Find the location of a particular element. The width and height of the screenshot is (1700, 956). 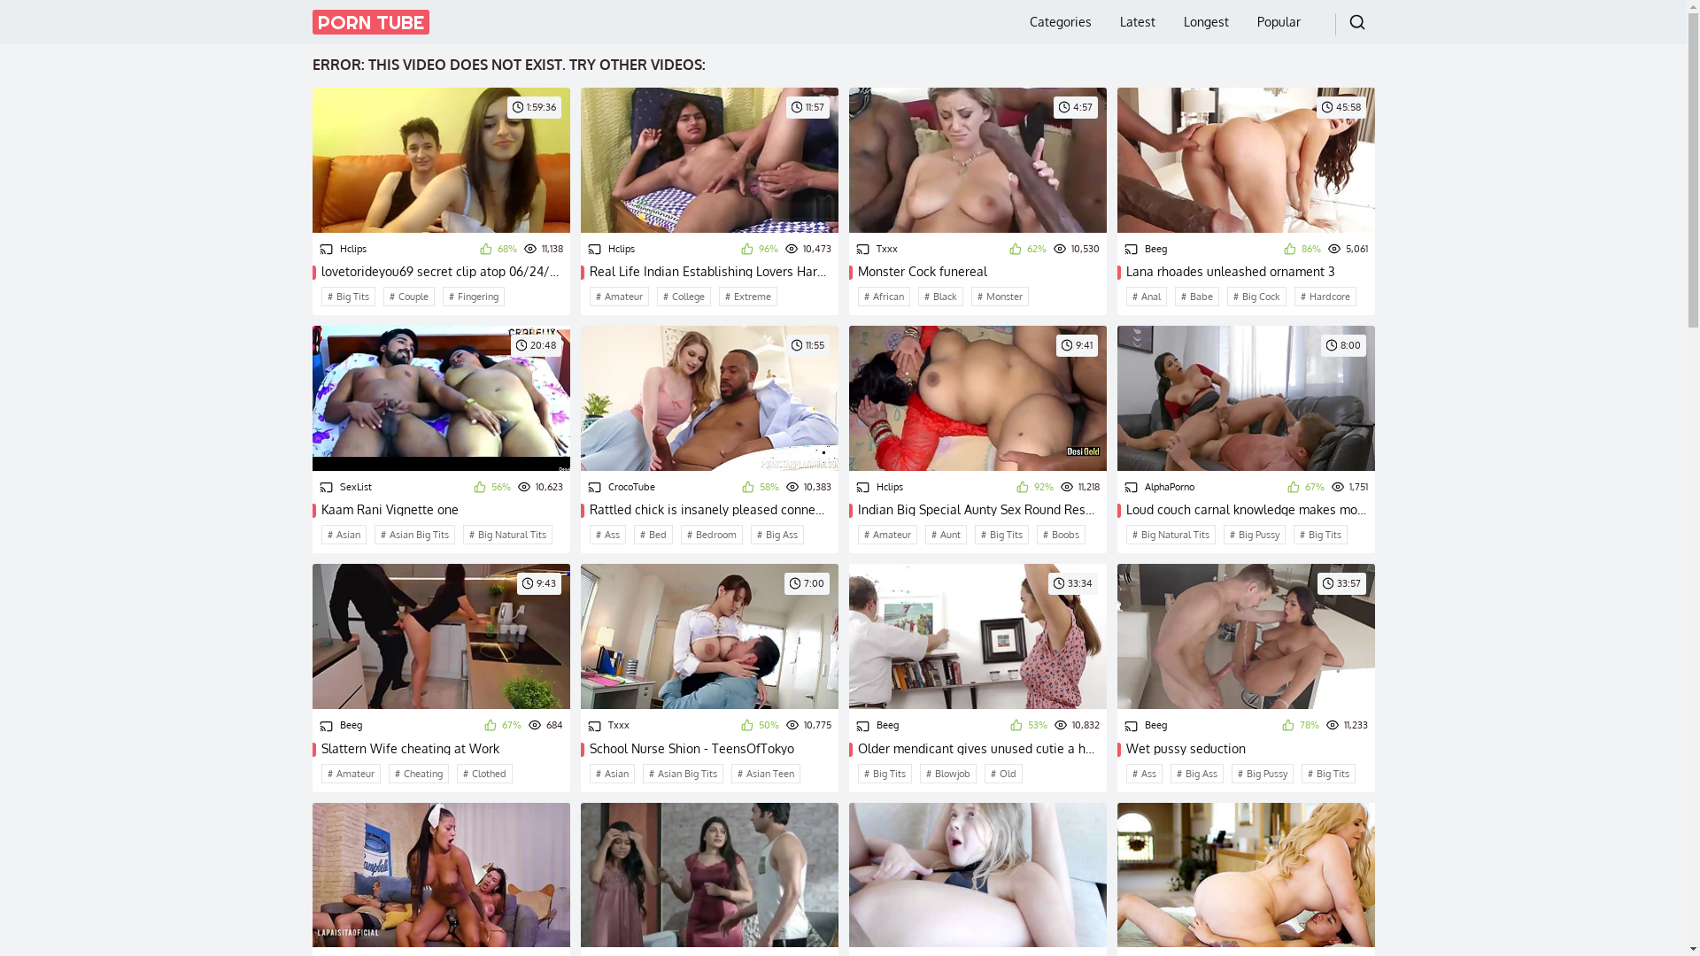

'Kaam Rani Vignette one' is located at coordinates (440, 509).